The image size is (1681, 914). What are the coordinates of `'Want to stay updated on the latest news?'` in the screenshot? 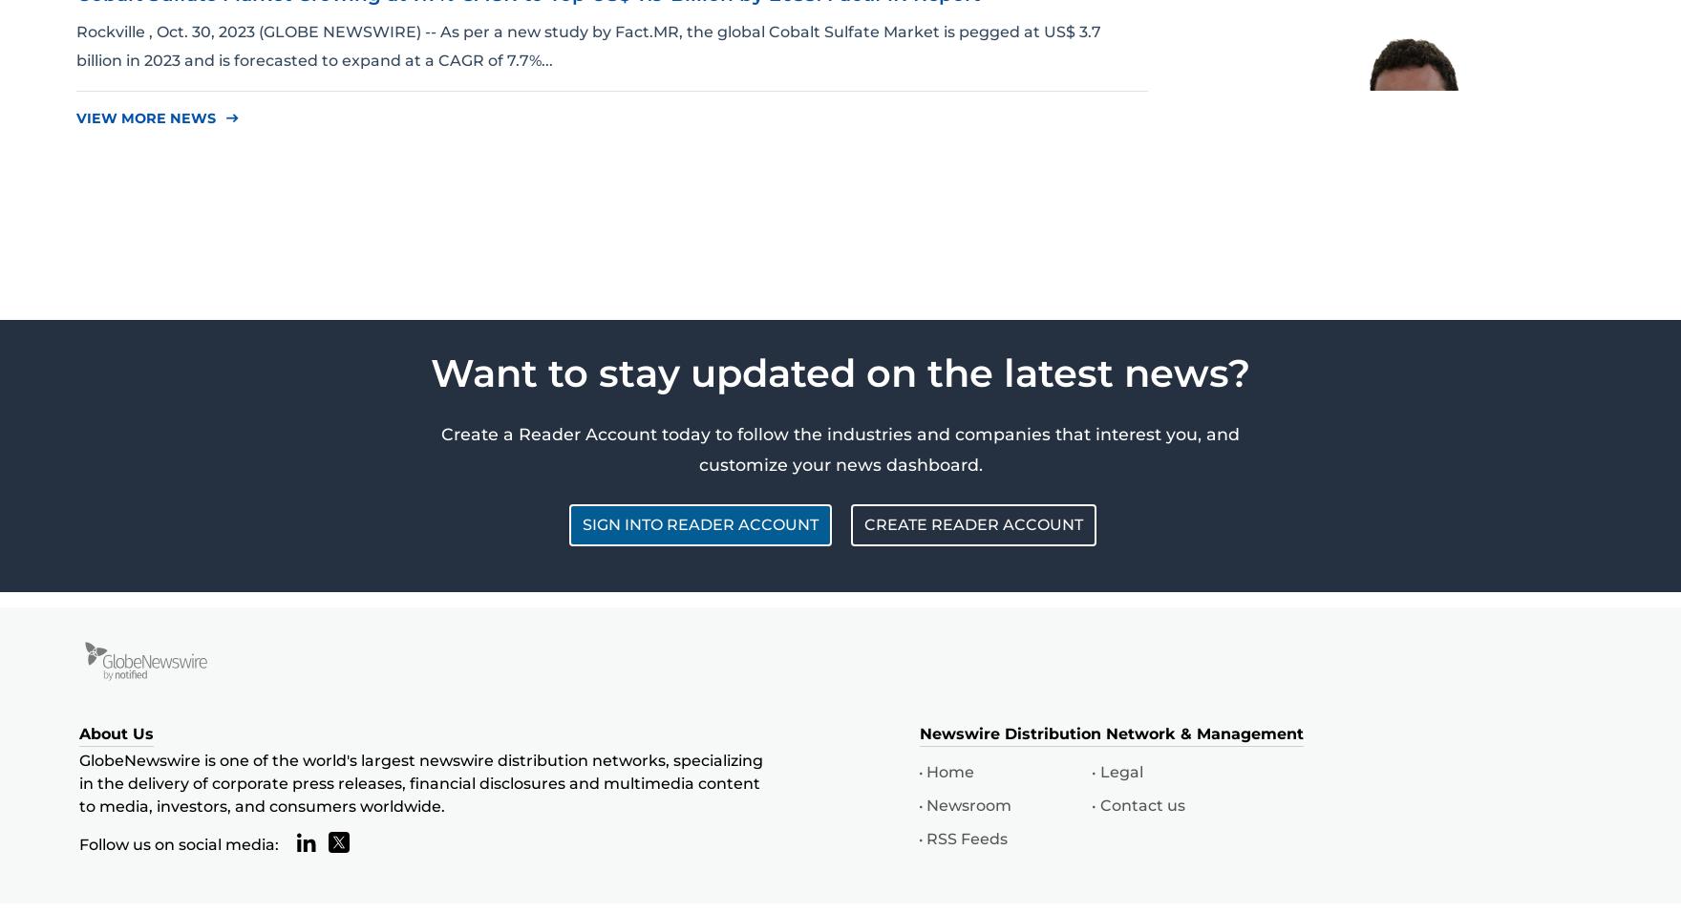 It's located at (840, 372).